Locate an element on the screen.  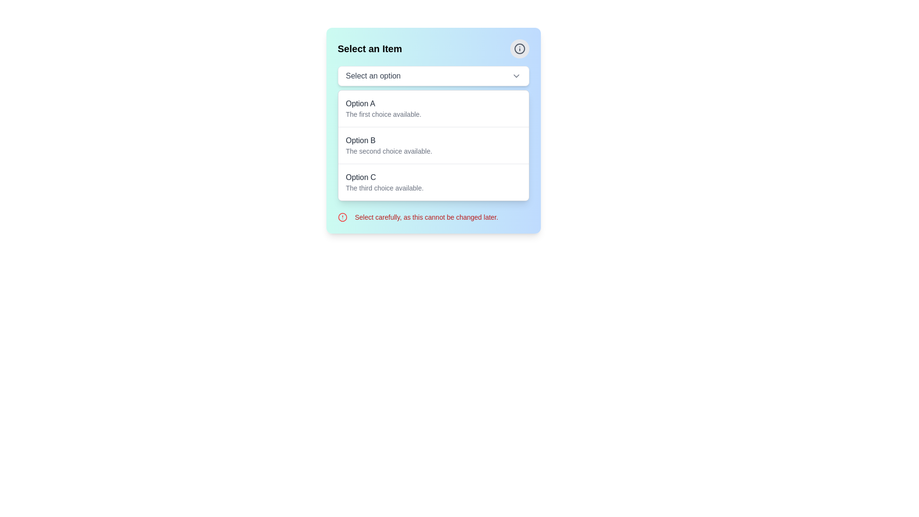
the text label displaying 'The second choice available.' located under the header 'Option B' in the dropdown menu is located at coordinates (389, 151).